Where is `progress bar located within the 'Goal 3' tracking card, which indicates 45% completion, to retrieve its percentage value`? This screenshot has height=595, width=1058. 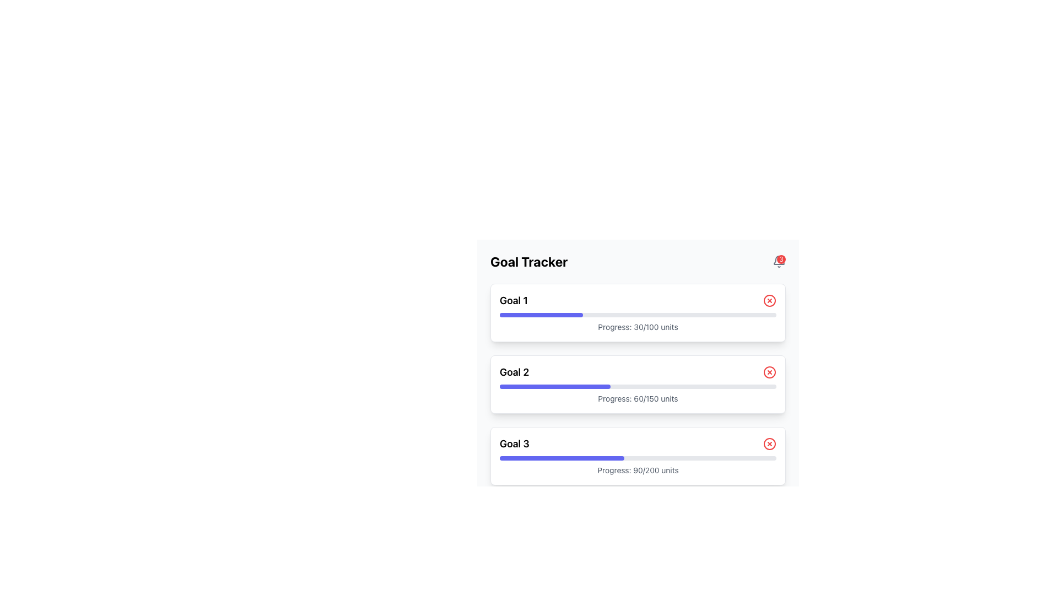 progress bar located within the 'Goal 3' tracking card, which indicates 45% completion, to retrieve its percentage value is located at coordinates (562, 458).